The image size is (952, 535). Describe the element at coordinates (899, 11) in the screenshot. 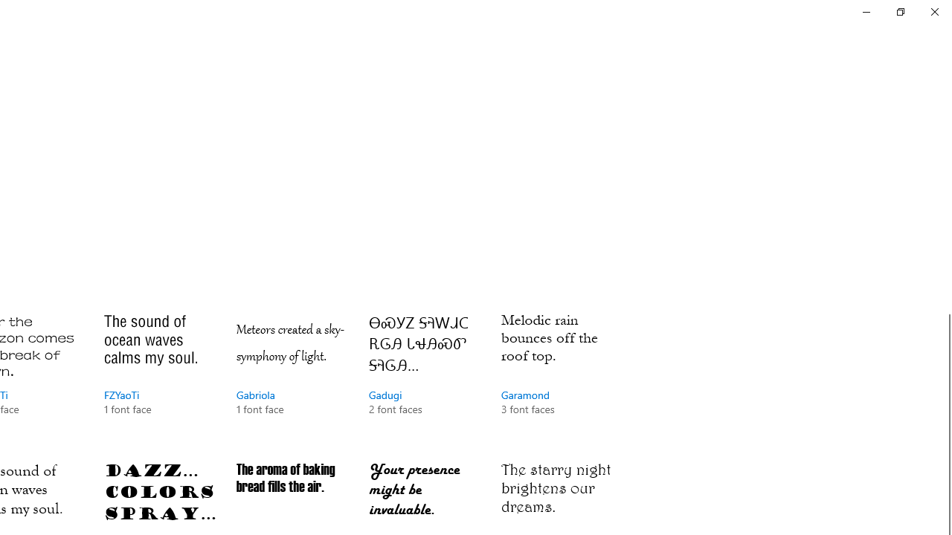

I see `'Restore Settings'` at that location.